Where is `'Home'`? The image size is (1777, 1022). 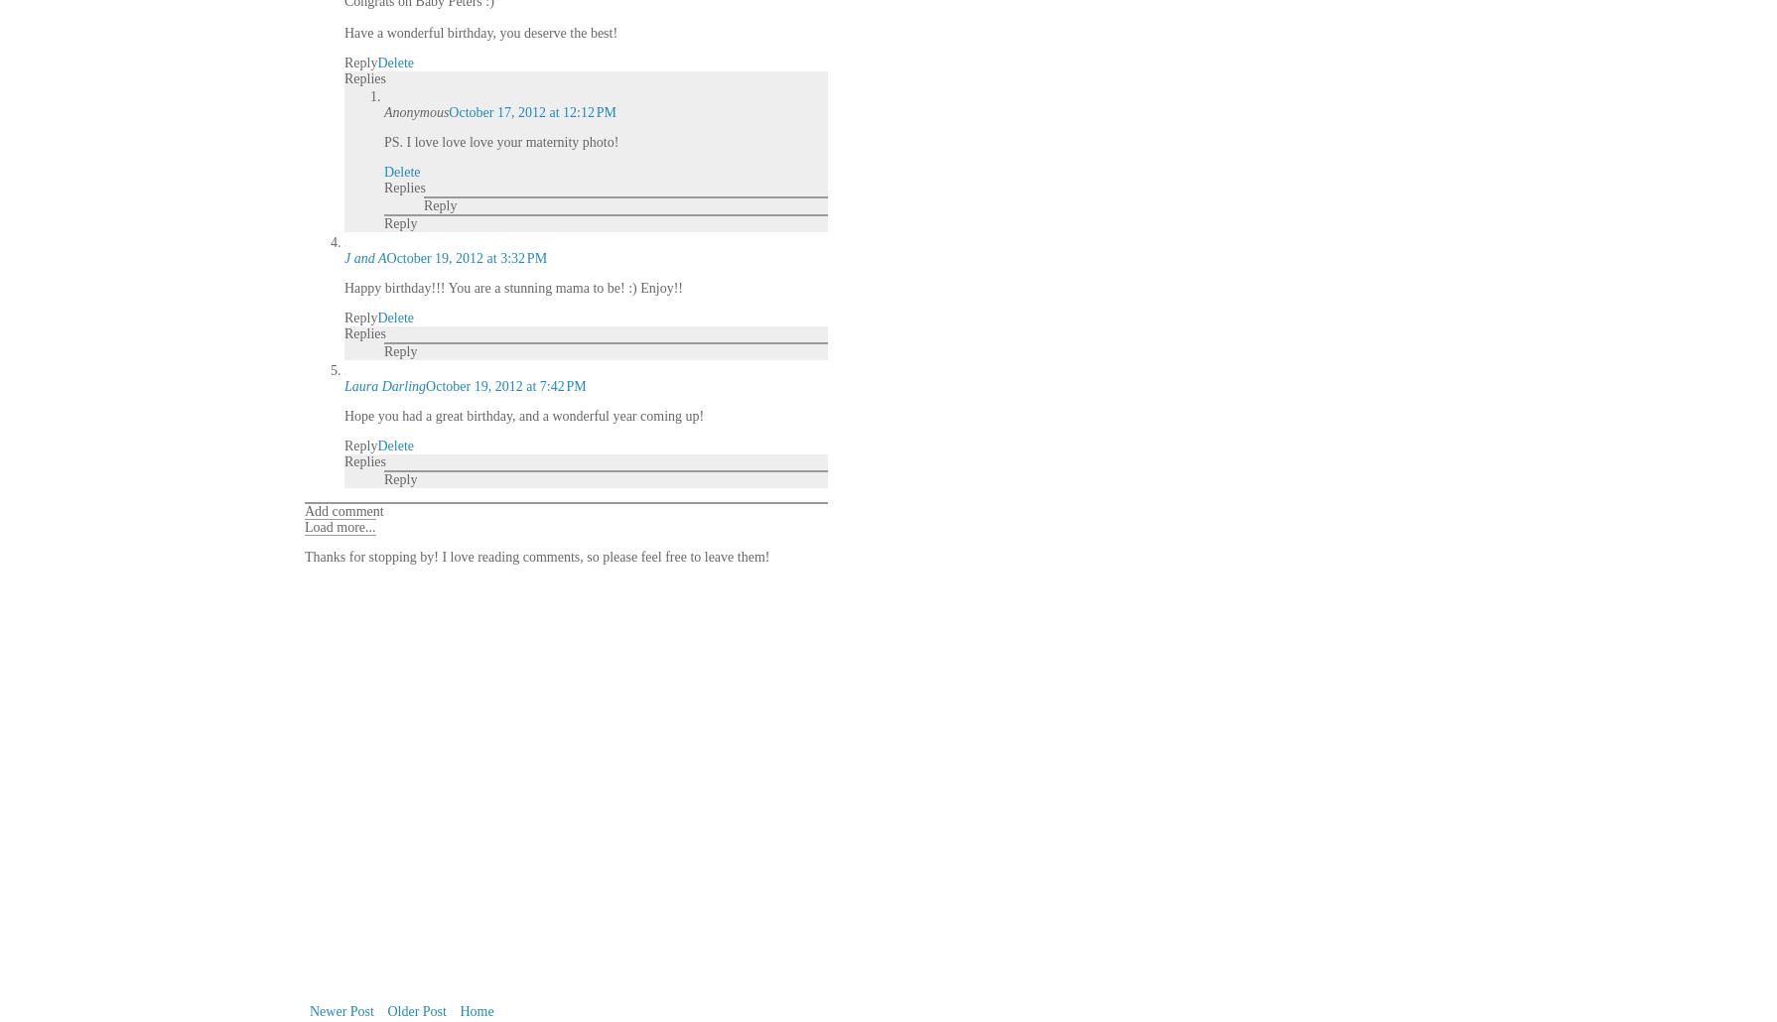
'Home' is located at coordinates (476, 1010).